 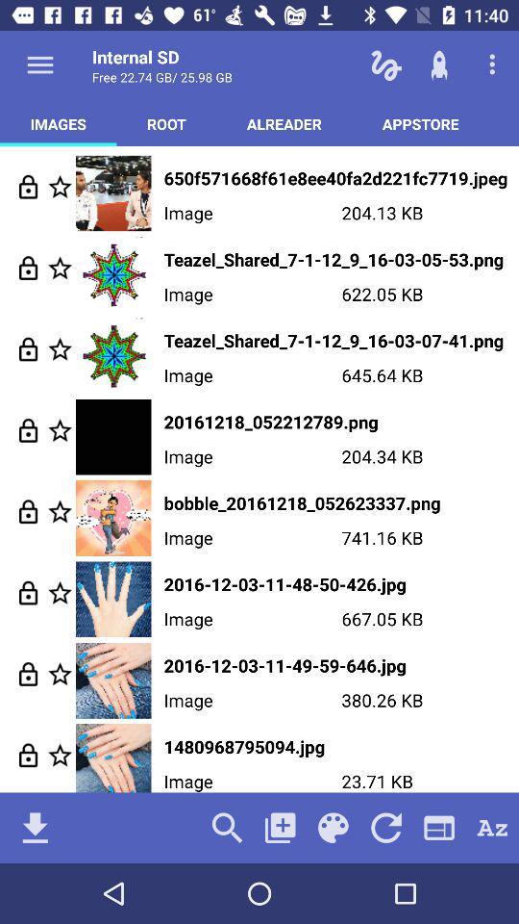 What do you see at coordinates (60, 592) in the screenshot?
I see `this image` at bounding box center [60, 592].